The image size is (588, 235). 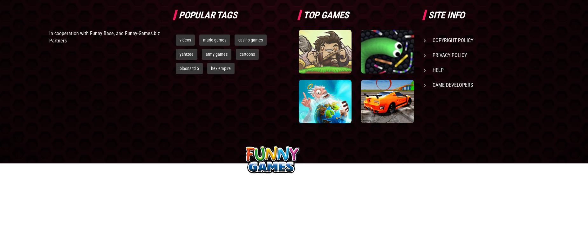 I want to click on 'Help', so click(x=437, y=70).